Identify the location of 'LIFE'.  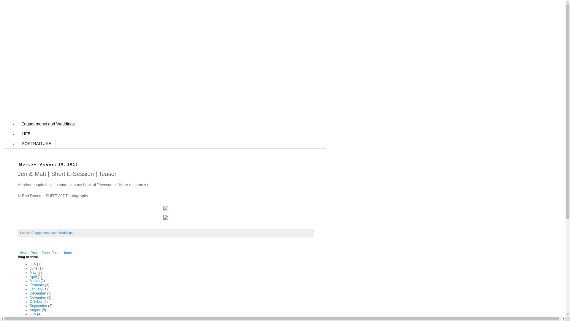
(26, 134).